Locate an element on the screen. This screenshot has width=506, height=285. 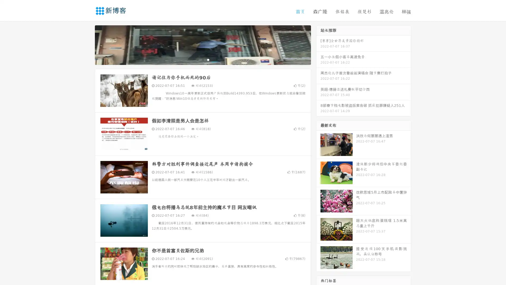
Next slide is located at coordinates (318, 44).